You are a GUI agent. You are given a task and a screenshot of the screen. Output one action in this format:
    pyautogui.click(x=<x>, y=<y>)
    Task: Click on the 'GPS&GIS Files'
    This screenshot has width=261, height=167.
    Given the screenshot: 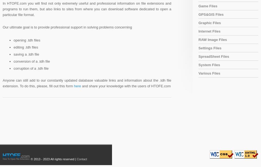 What is the action you would take?
    pyautogui.click(x=210, y=14)
    